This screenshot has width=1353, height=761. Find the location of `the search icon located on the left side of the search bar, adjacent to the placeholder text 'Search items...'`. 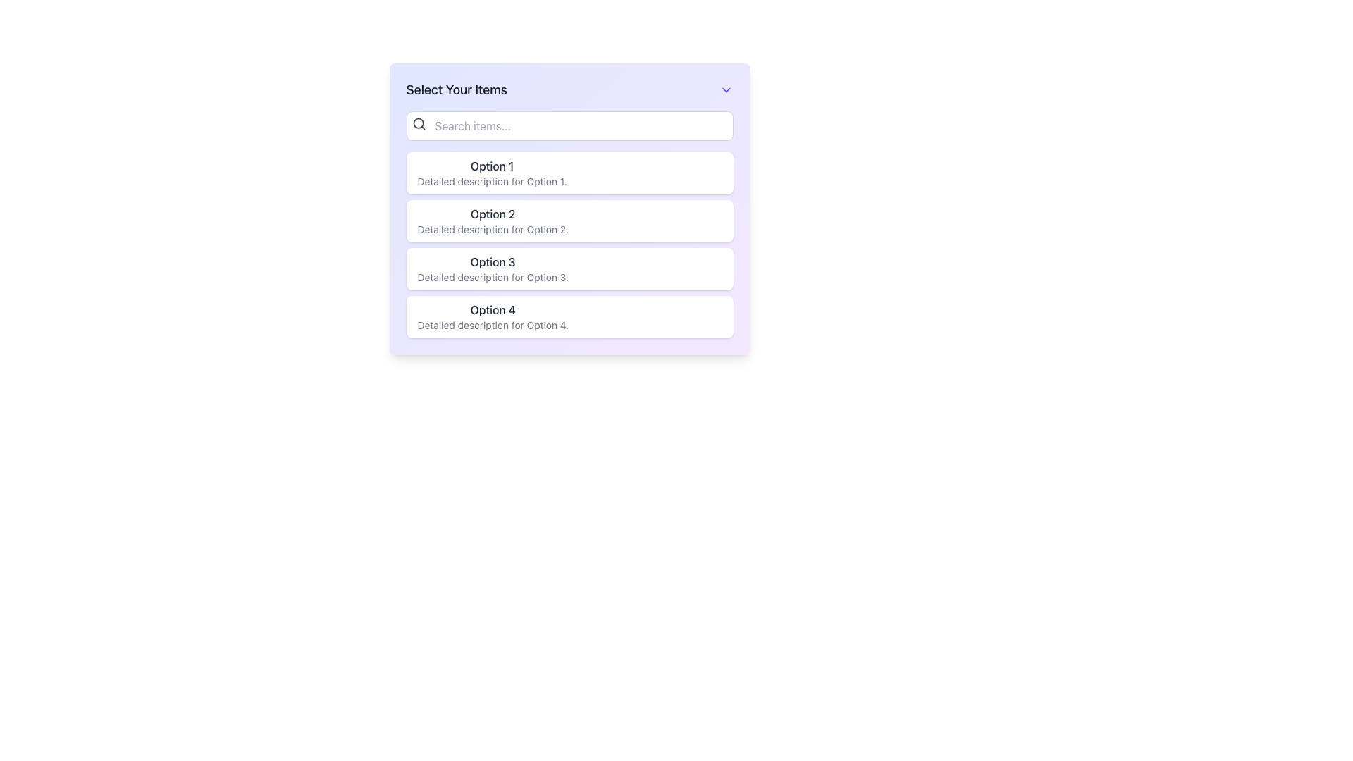

the search icon located on the left side of the search bar, adjacent to the placeholder text 'Search items...' is located at coordinates (418, 123).